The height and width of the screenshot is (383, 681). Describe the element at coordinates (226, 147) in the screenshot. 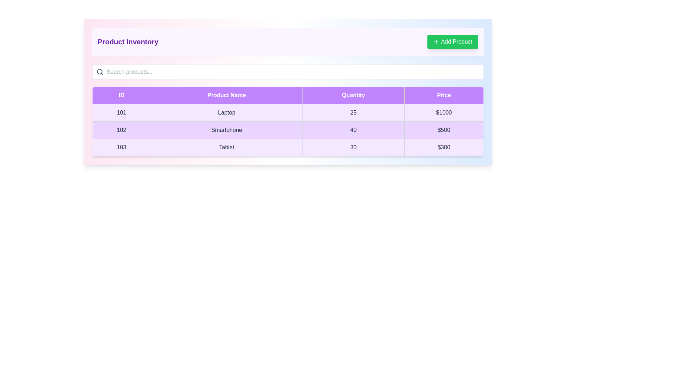

I see `text of the 'Tablet' label located in the second column of the third row of the table, which is identified by the row starting with '103'` at that location.